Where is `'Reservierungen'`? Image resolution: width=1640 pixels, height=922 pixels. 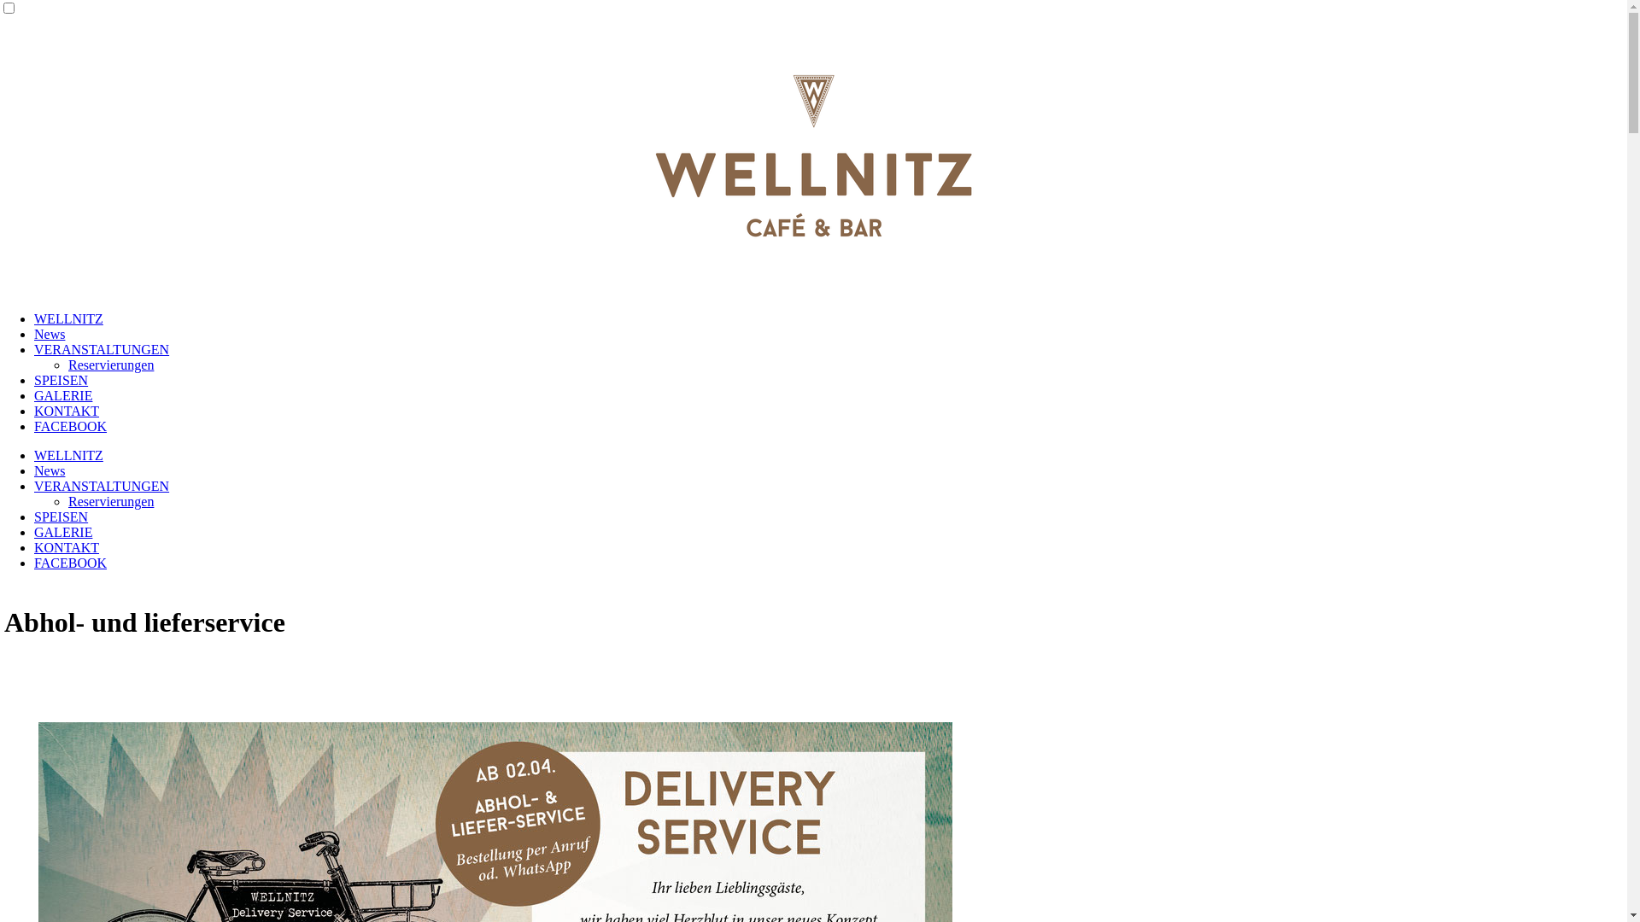
'Reservierungen' is located at coordinates (109, 364).